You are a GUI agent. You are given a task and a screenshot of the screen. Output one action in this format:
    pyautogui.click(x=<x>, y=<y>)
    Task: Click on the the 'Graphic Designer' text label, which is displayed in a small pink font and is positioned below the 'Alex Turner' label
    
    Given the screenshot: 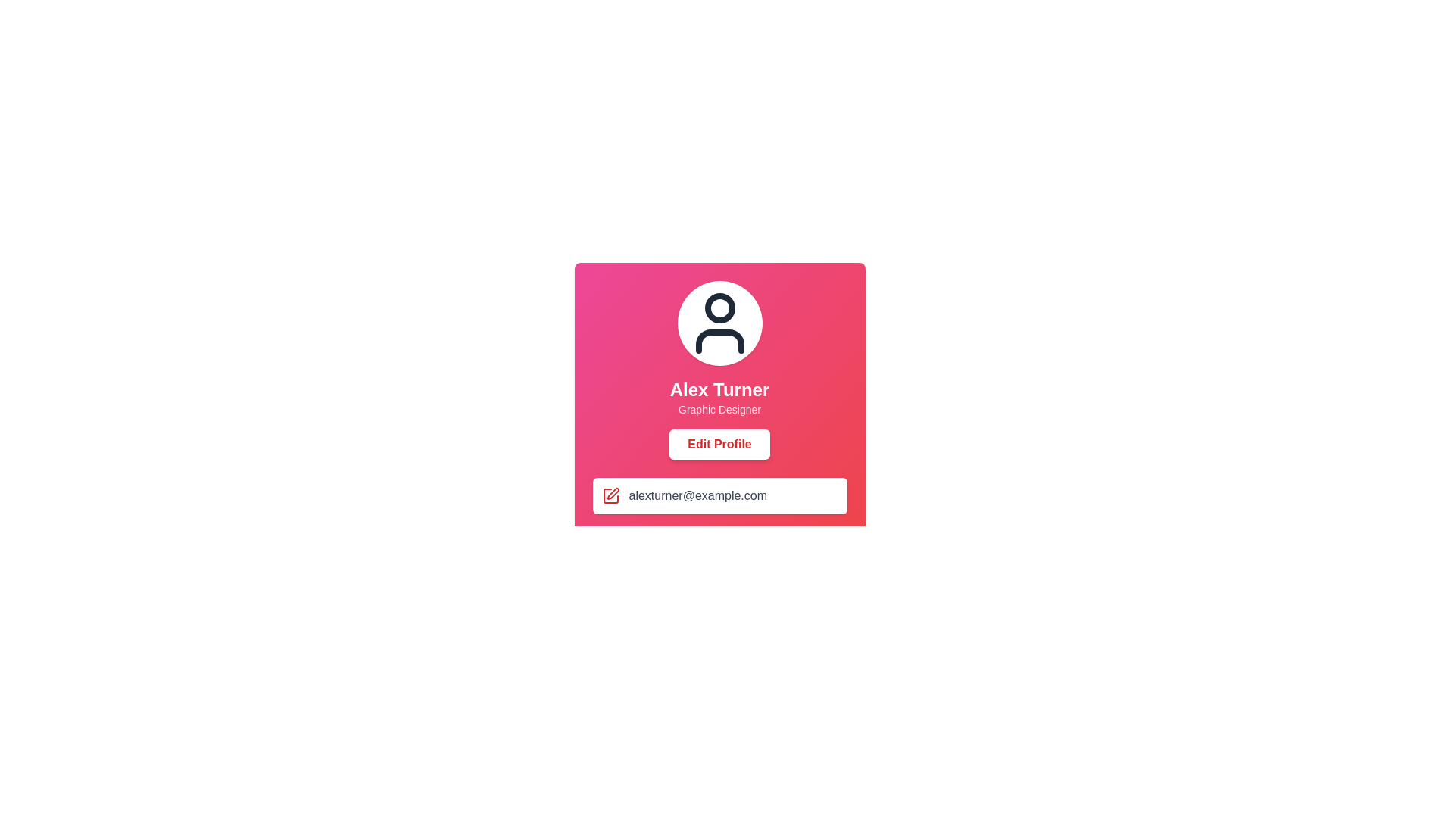 What is the action you would take?
    pyautogui.click(x=719, y=409)
    